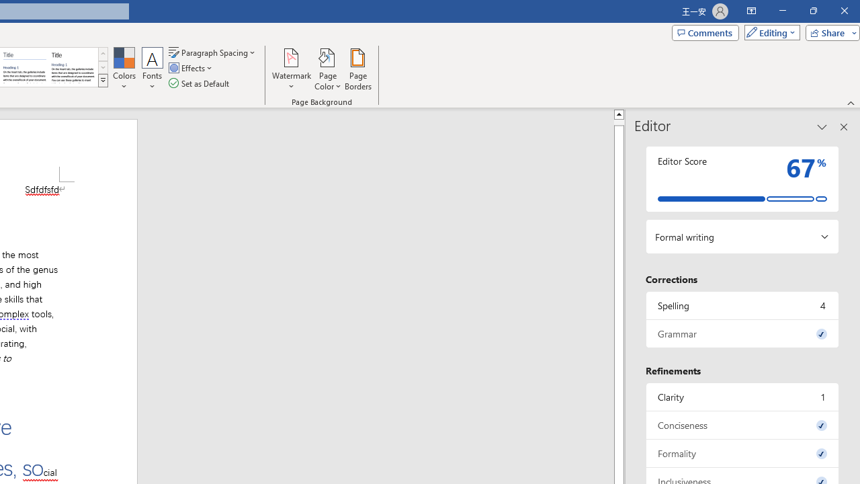  I want to click on 'Page Color', so click(328, 69).